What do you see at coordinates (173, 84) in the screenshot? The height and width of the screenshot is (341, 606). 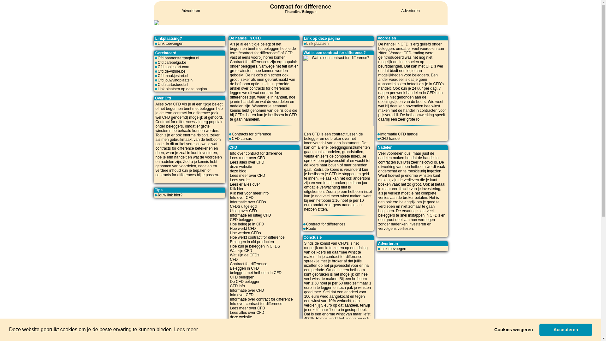 I see `'Cfd.startactueel.nl'` at bounding box center [173, 84].